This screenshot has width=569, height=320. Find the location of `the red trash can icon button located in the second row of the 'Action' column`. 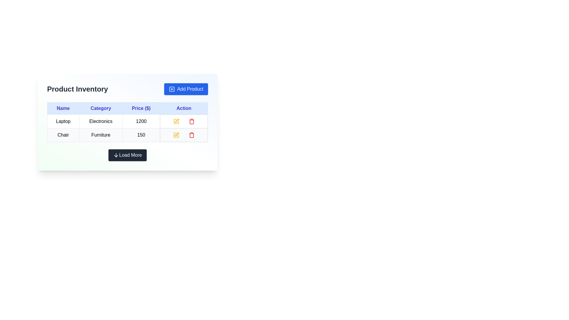

the red trash can icon button located in the second row of the 'Action' column is located at coordinates (191, 121).